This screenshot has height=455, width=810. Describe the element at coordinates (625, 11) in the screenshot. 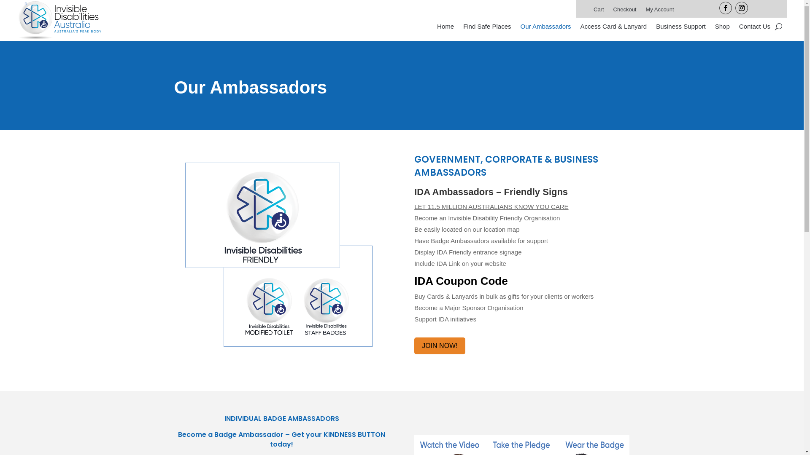

I see `'Checkout'` at that location.